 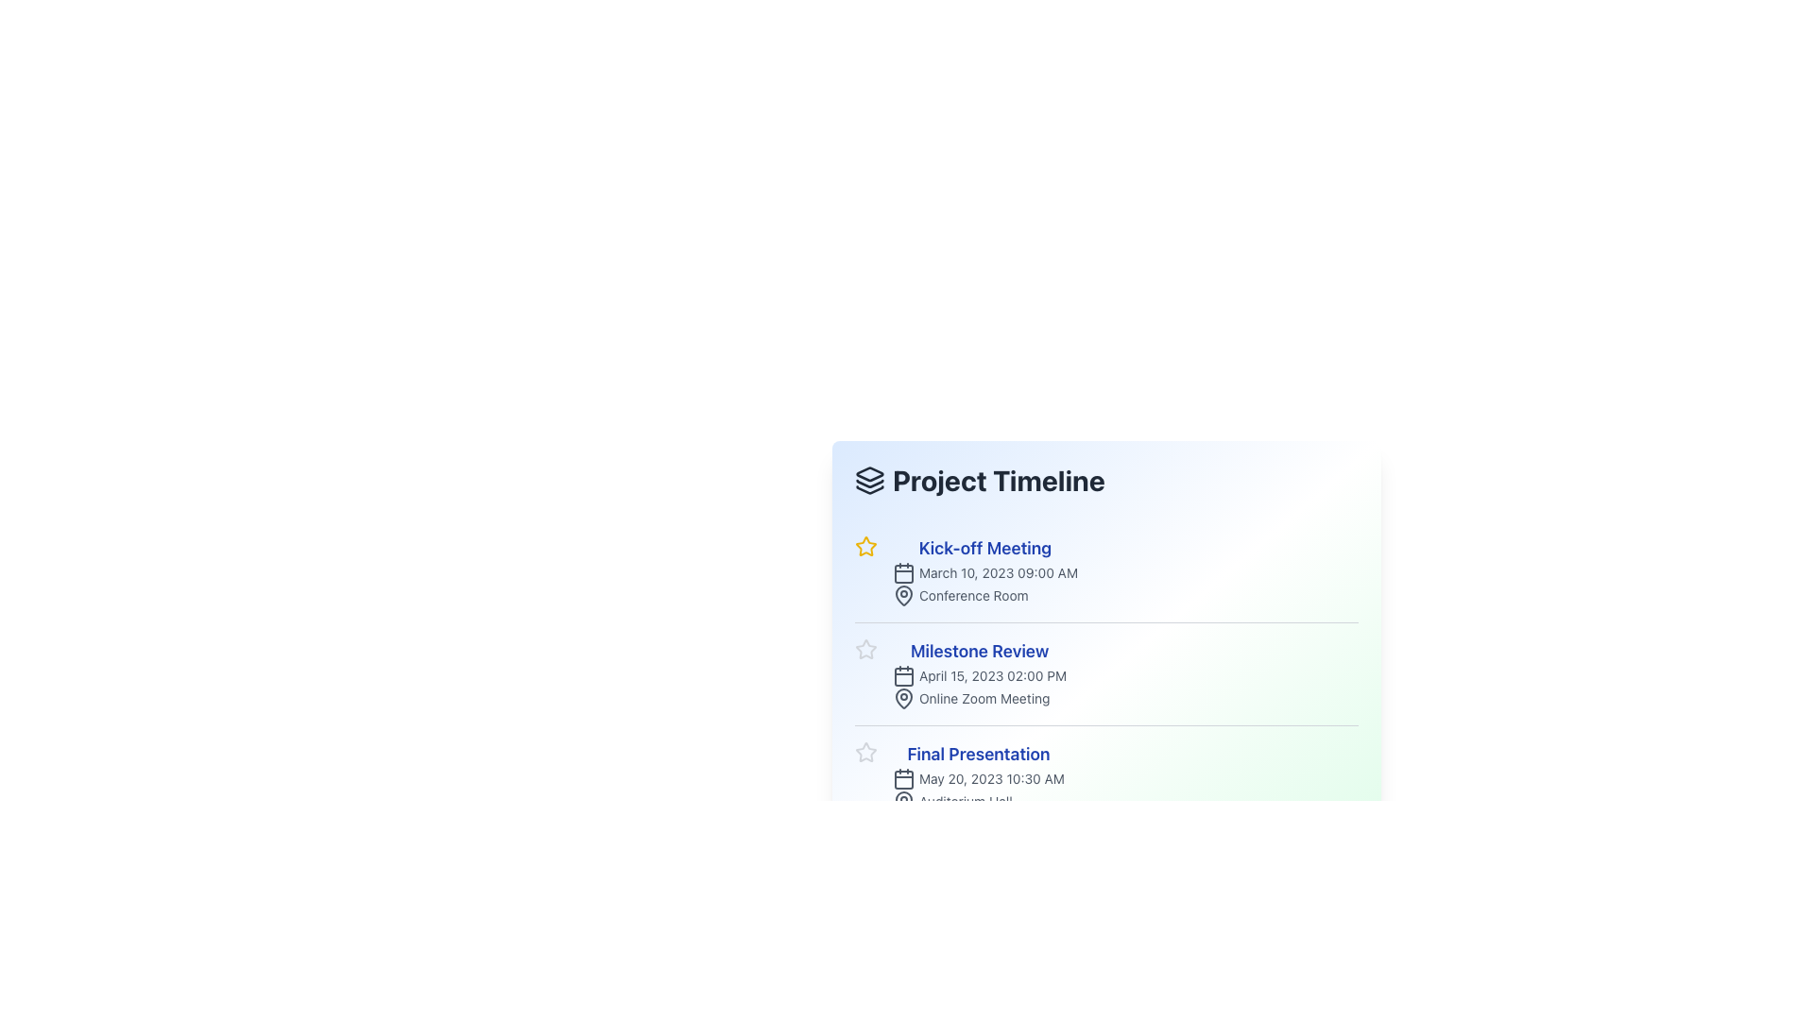 I want to click on the map pin icon located next to the text 'Conference Room' in the event details for 'Kick-off Meeting' under the 'Project Timeline' section, so click(x=902, y=596).